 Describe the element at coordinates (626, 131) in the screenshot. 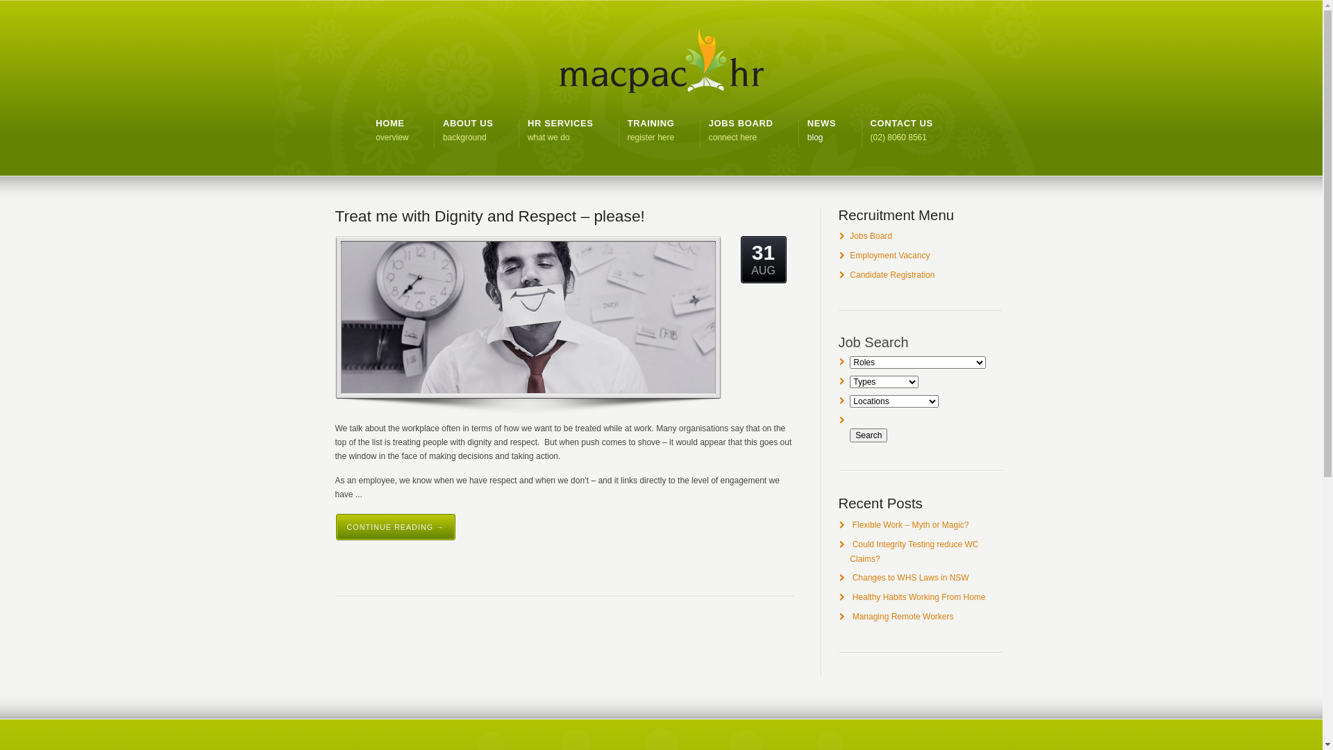

I see `'TRAINING` at that location.